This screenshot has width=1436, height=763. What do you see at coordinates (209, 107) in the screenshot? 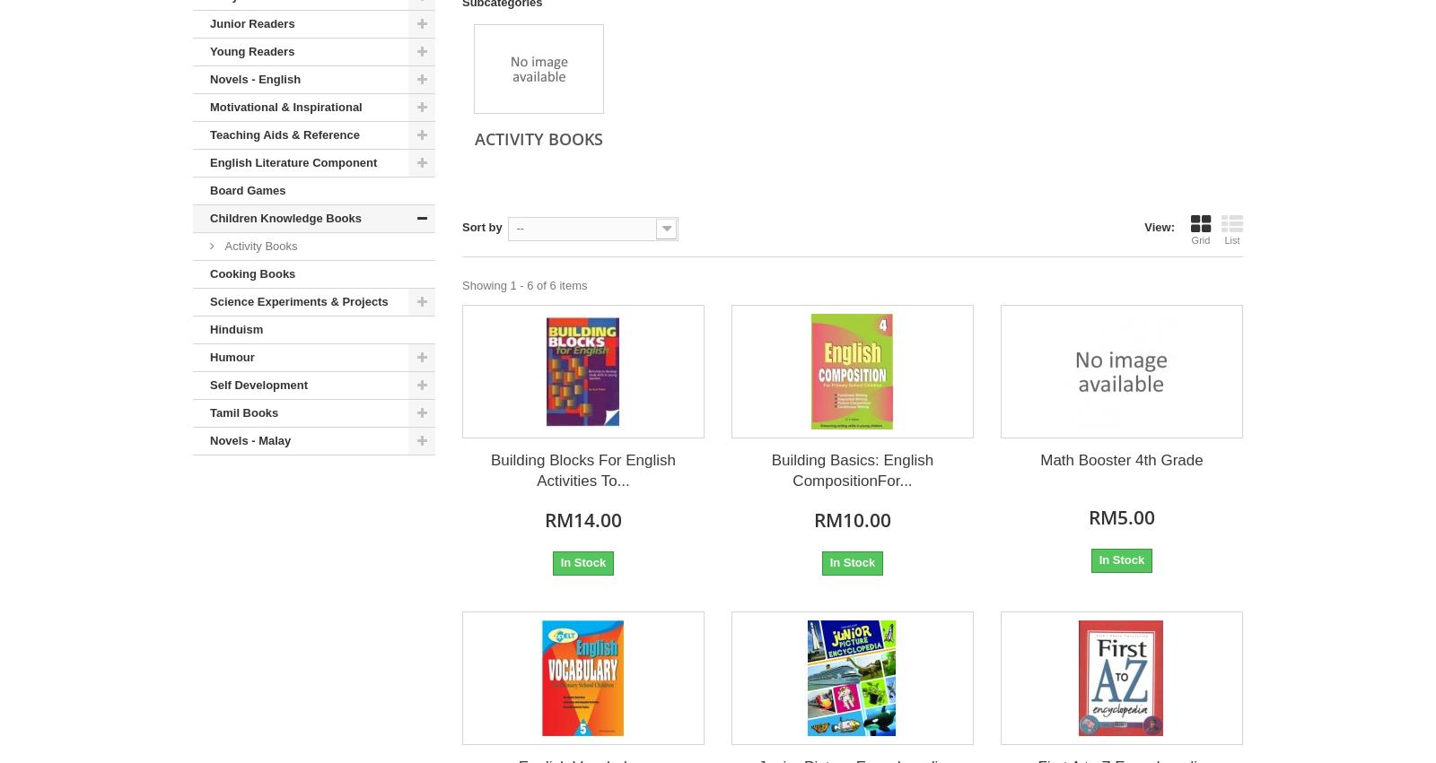
I see `'Motivational & Inspirational'` at bounding box center [209, 107].